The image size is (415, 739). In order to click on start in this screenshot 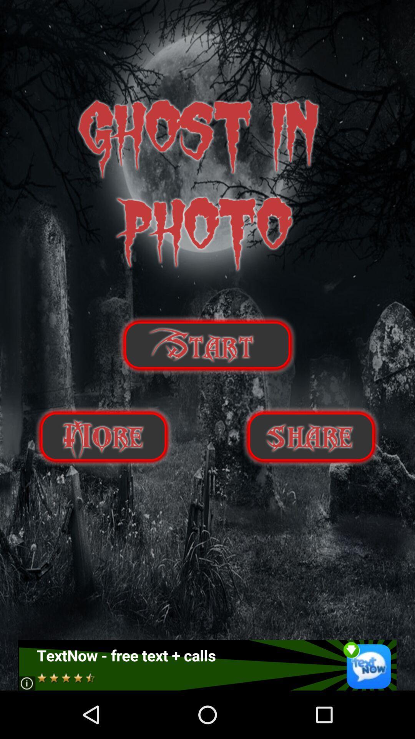, I will do `click(207, 345)`.